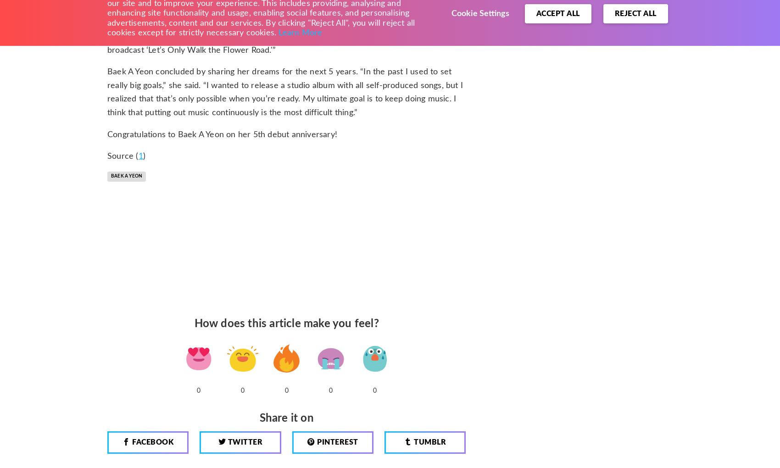 This screenshot has height=468, width=780. I want to click on 'Baek A Yeon concluded by sharing her dreams for the next 5 years. “In the past I used to set really big goals,” she said. “I wanted to release a studio album with all self-produced songs, but I realized that that’s only possible when you’re ready. My ultimate goal is to keep doing music. I think that putting out music continuously is the most difficult thing.”', so click(284, 91).